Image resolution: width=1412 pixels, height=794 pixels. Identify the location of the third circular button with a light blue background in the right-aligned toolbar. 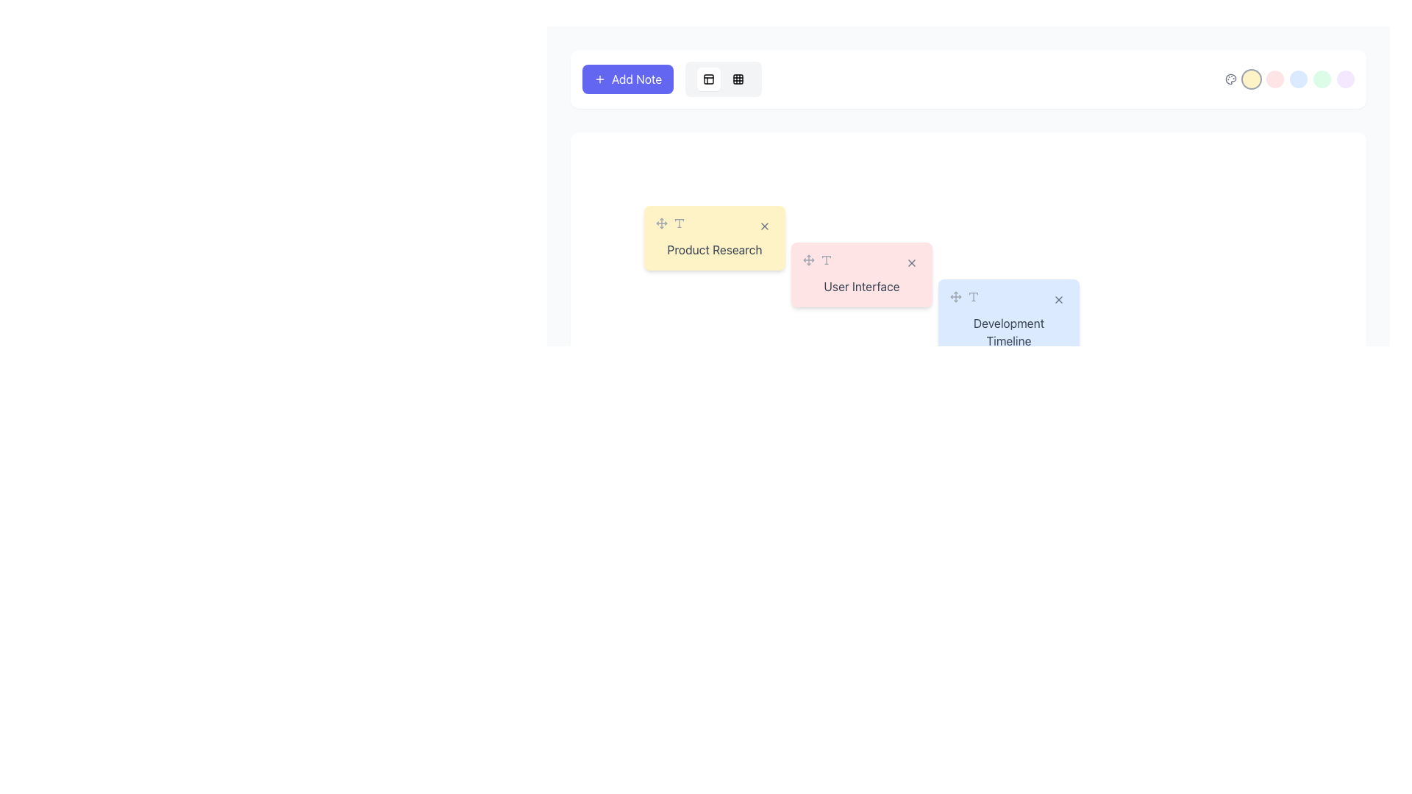
(1288, 79).